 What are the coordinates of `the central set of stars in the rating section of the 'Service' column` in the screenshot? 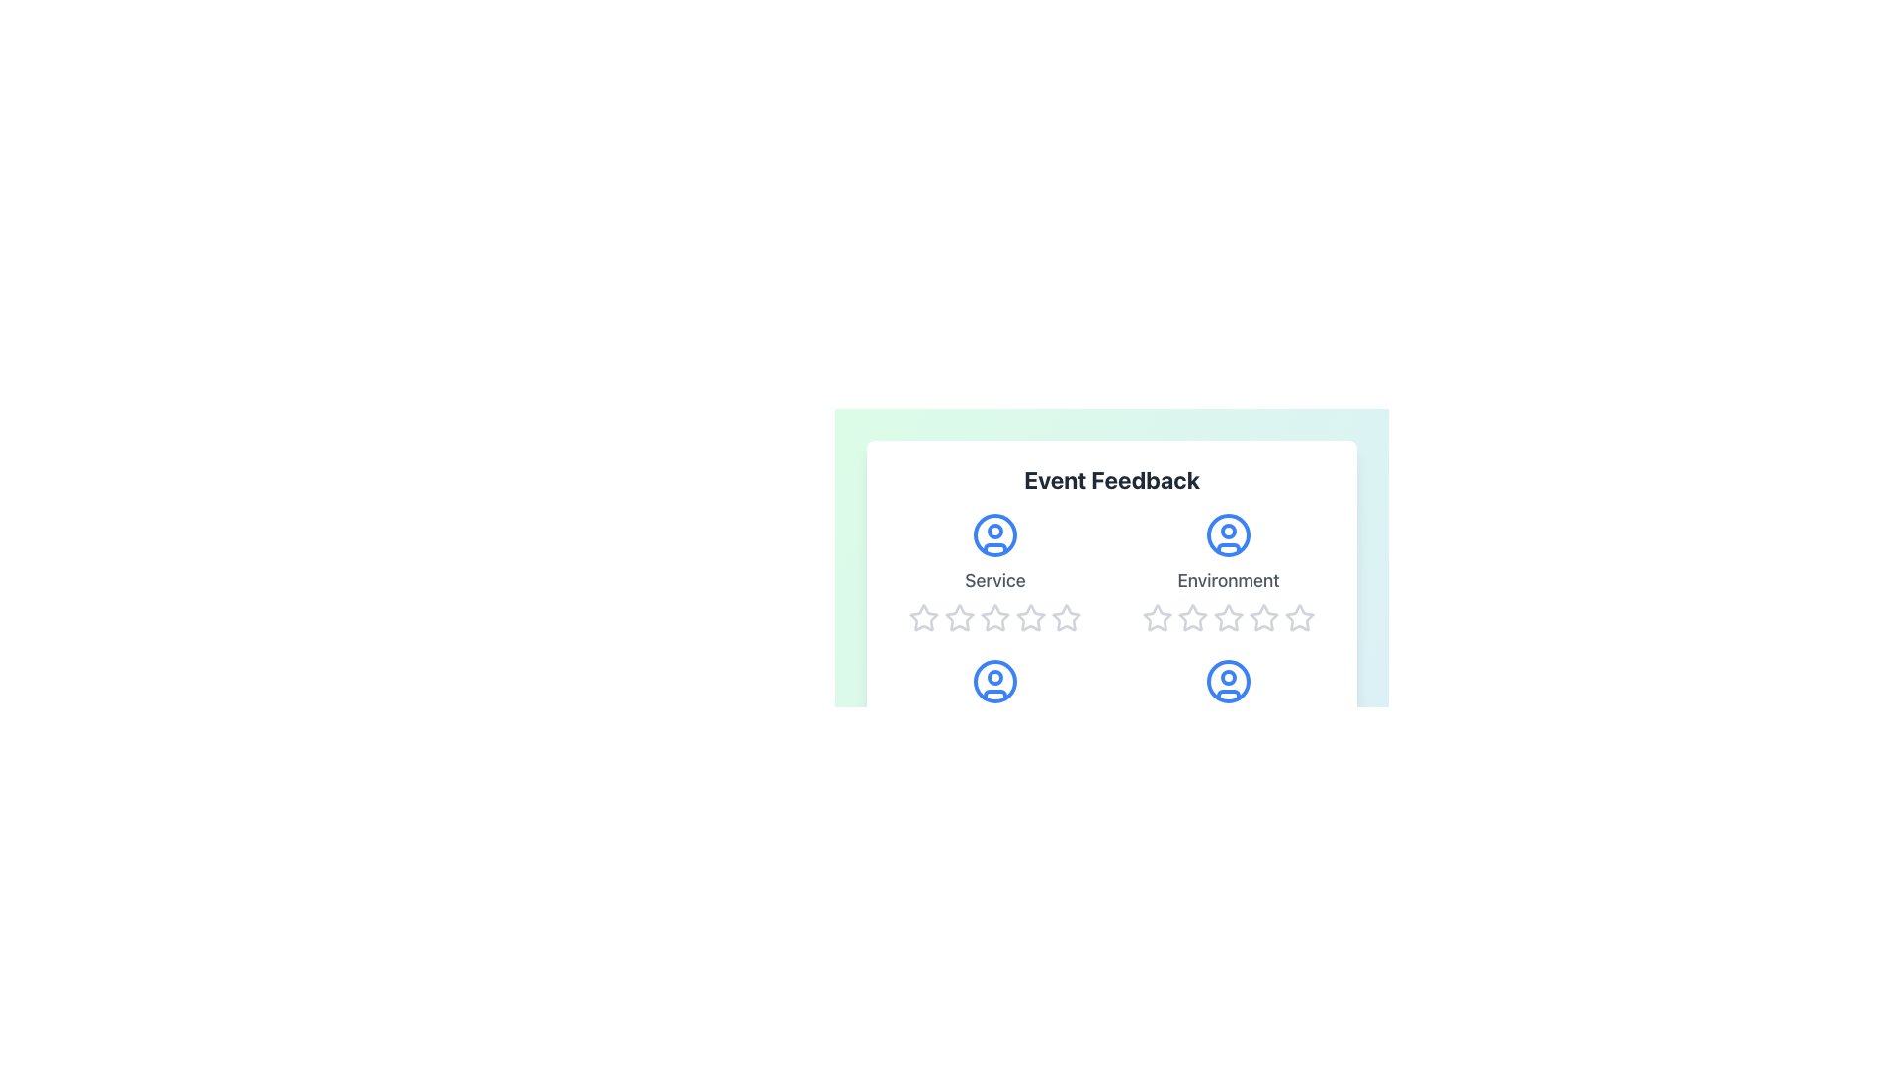 It's located at (995, 616).